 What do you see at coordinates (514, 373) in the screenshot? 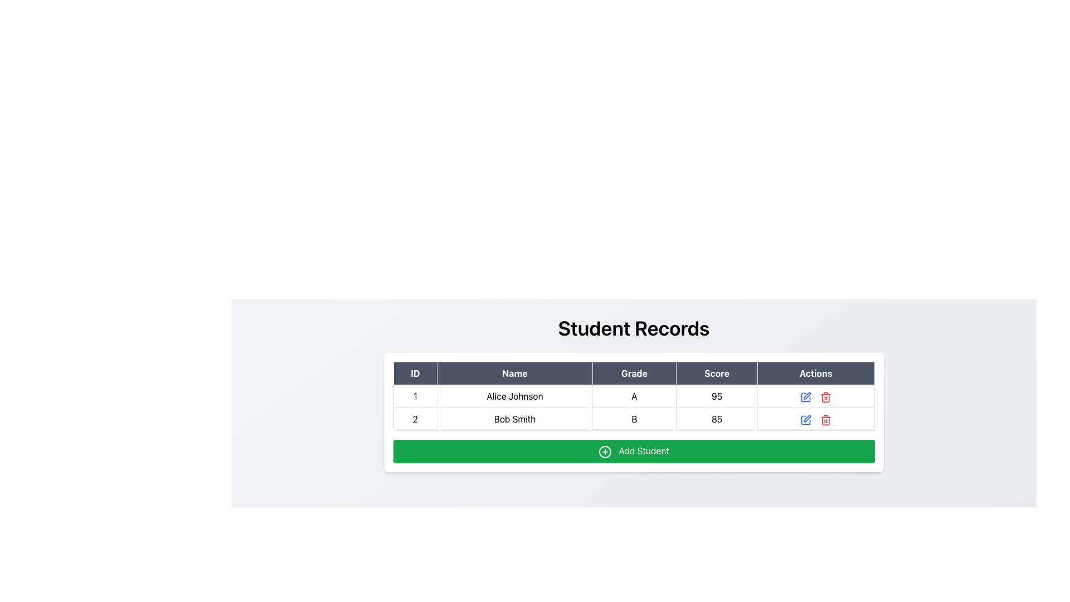
I see `the Table Header Cell labeled 'Name', which is styled in white text on a dark gray background, positioned between 'ID' and 'Grade' in the 'Student Records' table` at bounding box center [514, 373].